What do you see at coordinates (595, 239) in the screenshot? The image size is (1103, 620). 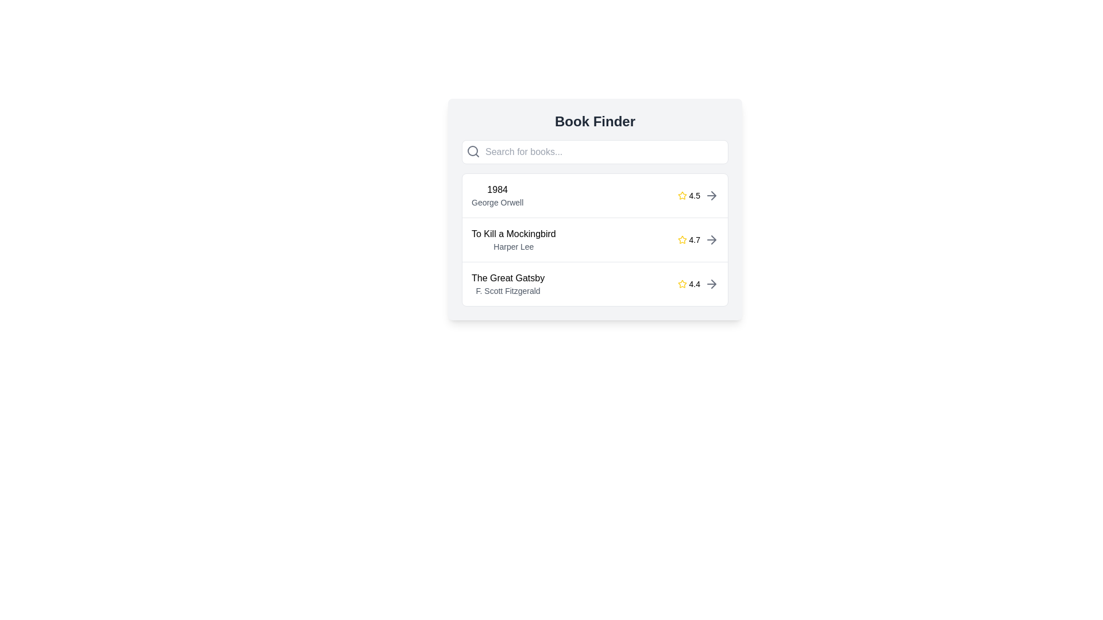 I see `to select the second list item representing a book, which is positioned between '1984' and 'The Great Gatsby' in the vertical list` at bounding box center [595, 239].